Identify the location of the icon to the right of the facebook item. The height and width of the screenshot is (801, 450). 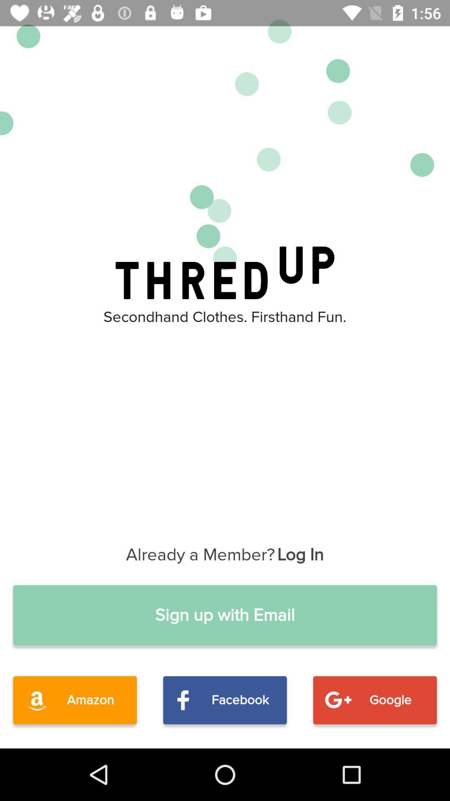
(374, 700).